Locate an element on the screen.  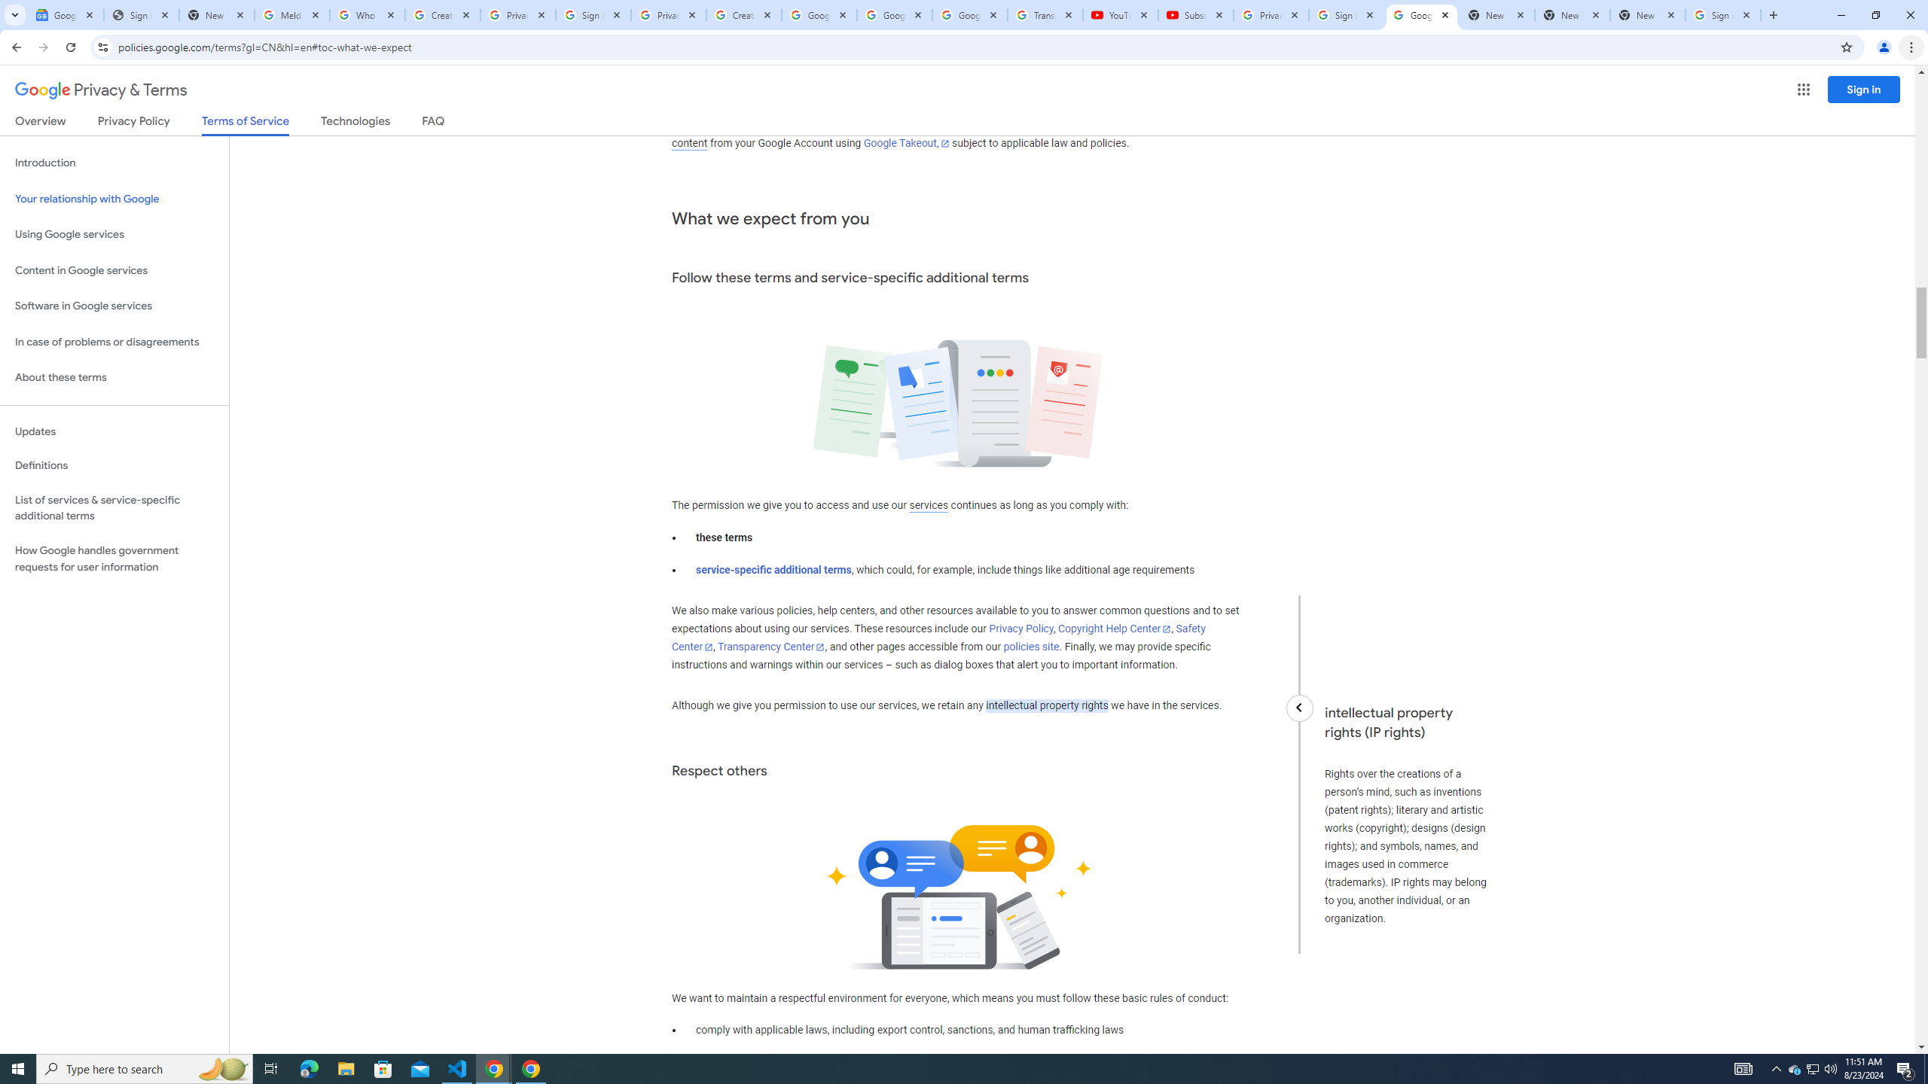
'New Tab' is located at coordinates (1648, 14).